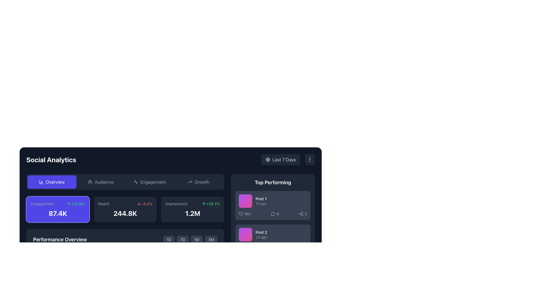 Image resolution: width=538 pixels, height=302 pixels. Describe the element at coordinates (309, 159) in the screenshot. I see `the options indicator icon located in the top-right corner of the 'Social Analytics' interface` at that location.